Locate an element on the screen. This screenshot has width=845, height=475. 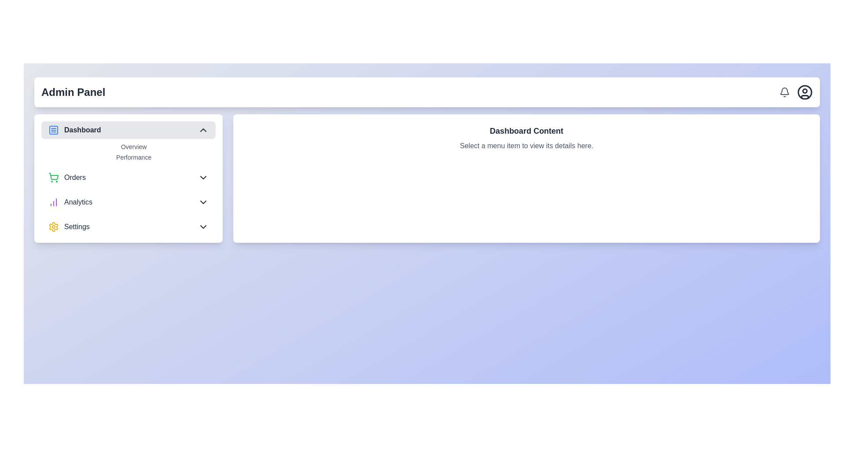
the Dropdown indicator icon located to the far-right of the 'Orders' menu item is located at coordinates (203, 178).